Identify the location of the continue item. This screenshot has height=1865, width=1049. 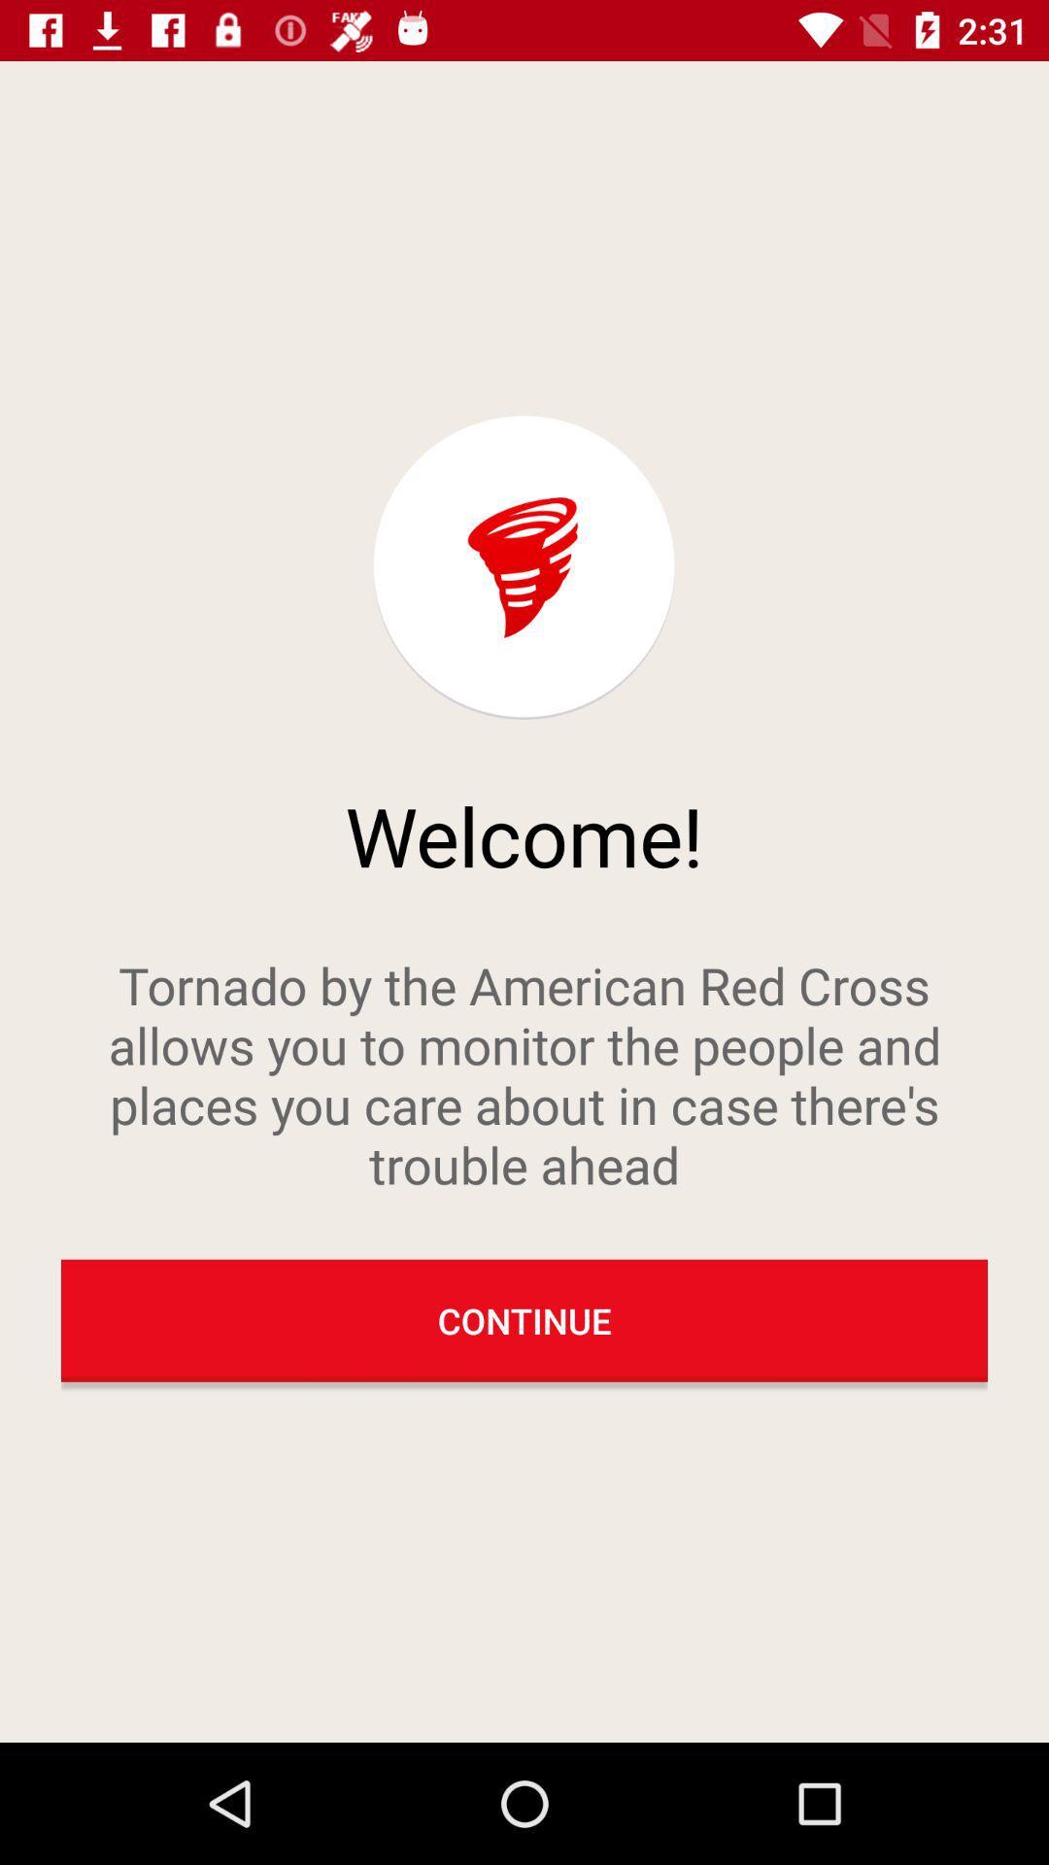
(524, 1320).